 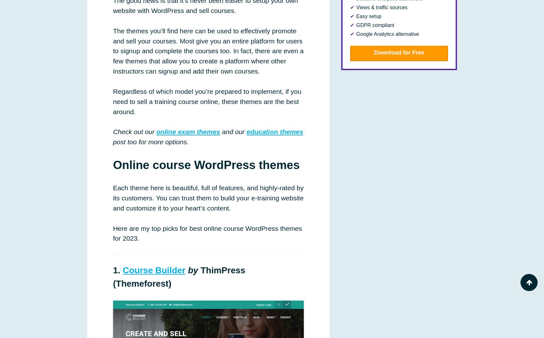 What do you see at coordinates (208, 198) in the screenshot?
I see `'Each theme here is beautiful, full of features, and highly-rated by its customers. You can trust them to build your e-training website and customize it to your heart’s content.'` at bounding box center [208, 198].